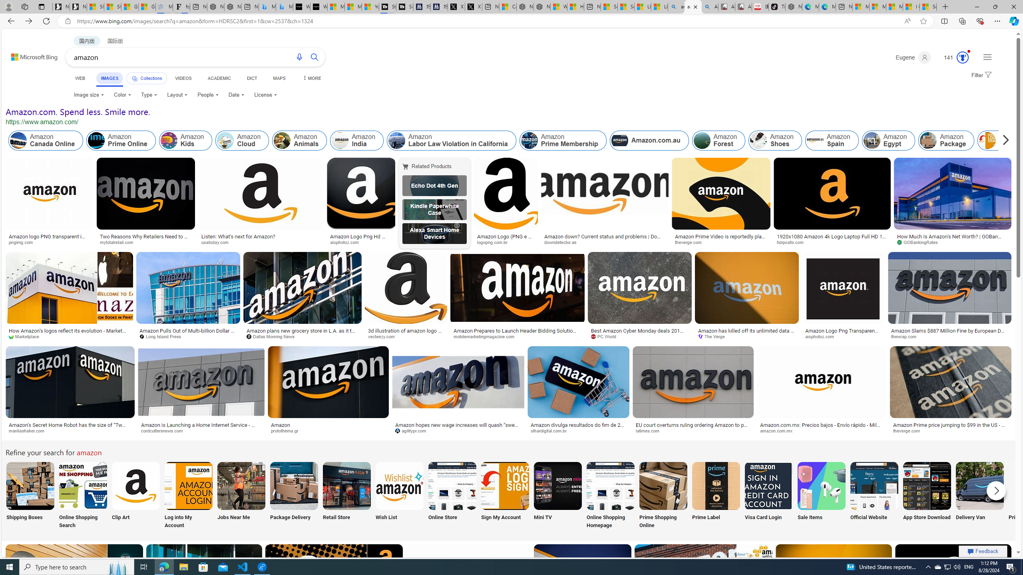  I want to click on 'hdqwalls.com', so click(793, 242).